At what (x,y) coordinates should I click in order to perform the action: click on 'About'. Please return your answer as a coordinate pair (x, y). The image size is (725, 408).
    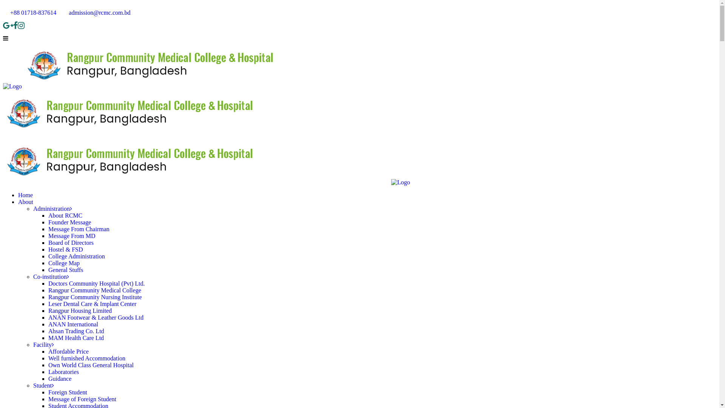
    Looking at the image, I should click on (25, 201).